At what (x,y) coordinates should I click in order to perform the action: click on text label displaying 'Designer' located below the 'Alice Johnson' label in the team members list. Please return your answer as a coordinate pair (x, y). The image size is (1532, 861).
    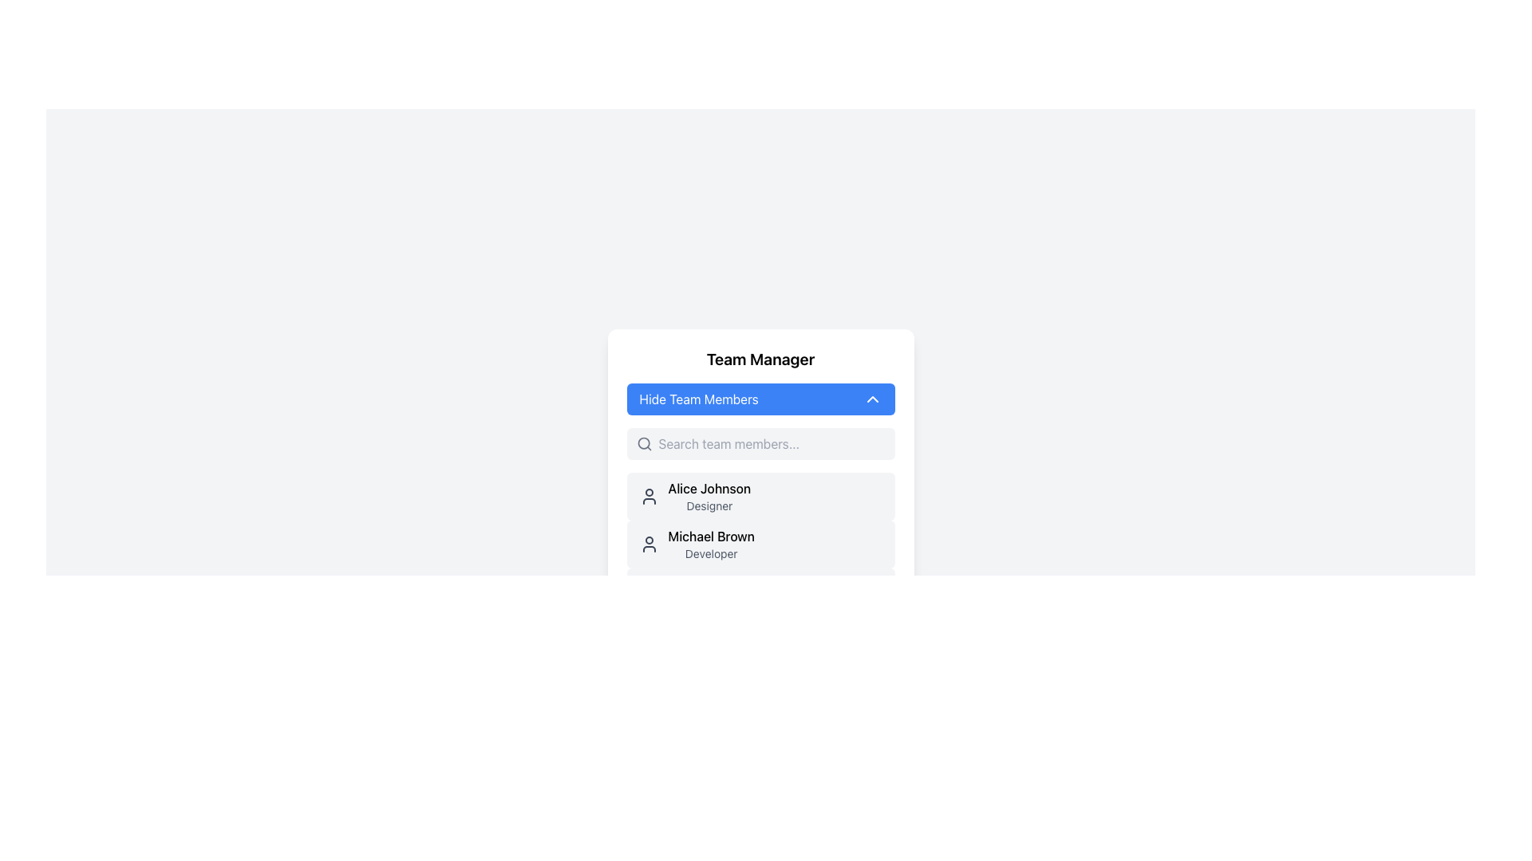
    Looking at the image, I should click on (709, 506).